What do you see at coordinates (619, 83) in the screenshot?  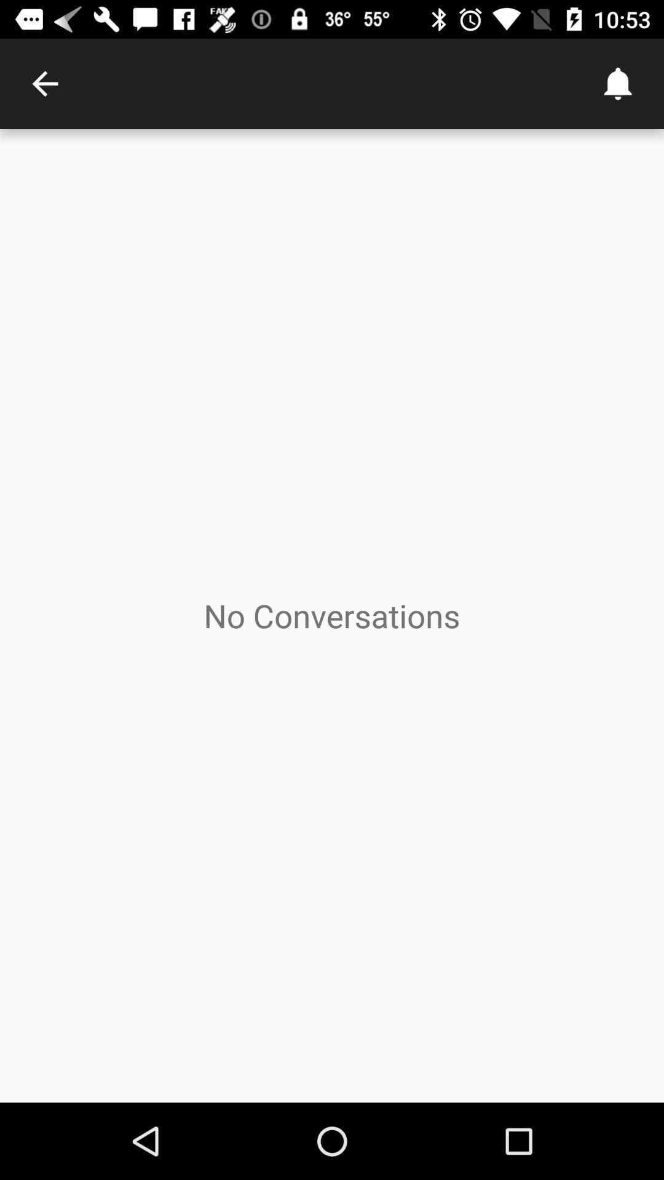 I see `icon above the no conversations icon` at bounding box center [619, 83].